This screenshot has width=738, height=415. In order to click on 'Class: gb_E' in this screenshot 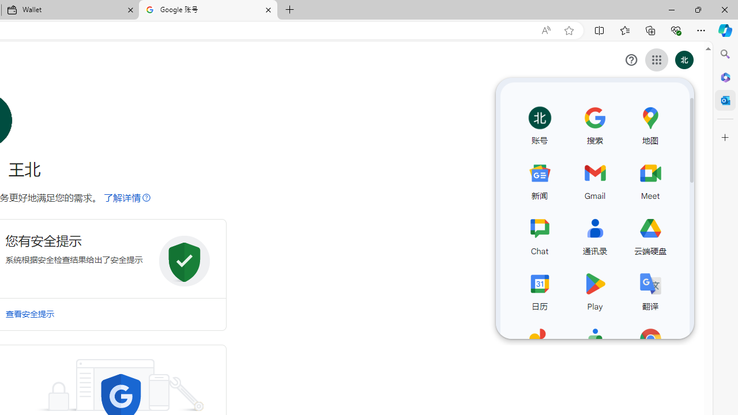, I will do `click(656, 60)`.